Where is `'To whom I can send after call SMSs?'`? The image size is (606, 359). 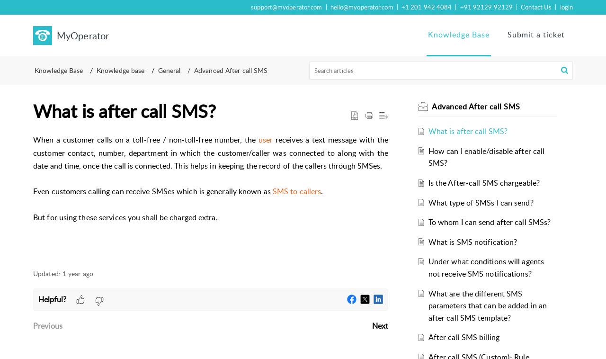 'To whom I can send after call SMSs?' is located at coordinates (489, 221).